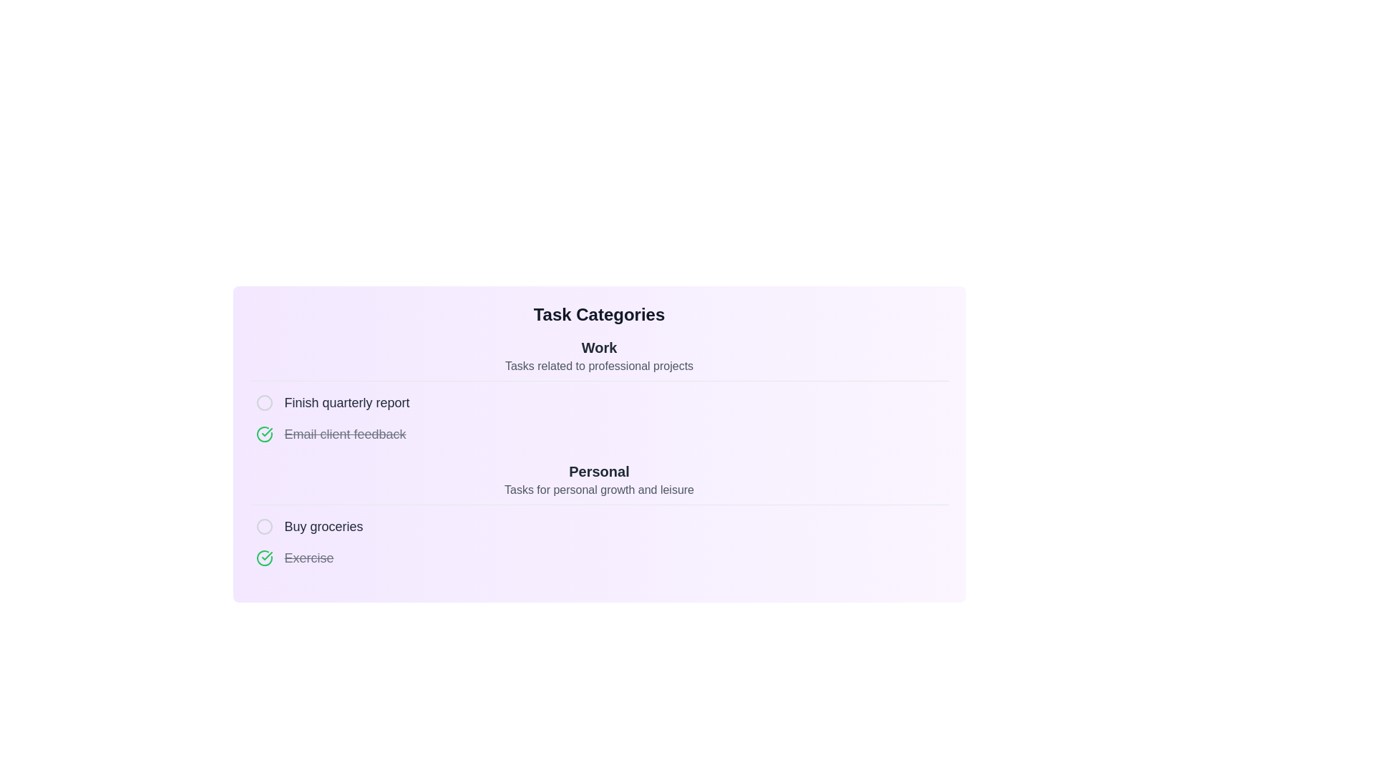 The image size is (1374, 773). What do you see at coordinates (599, 490) in the screenshot?
I see `the gray text label that reads 'Tasks for personal growth and leisure', located below the bold header 'Personal'` at bounding box center [599, 490].